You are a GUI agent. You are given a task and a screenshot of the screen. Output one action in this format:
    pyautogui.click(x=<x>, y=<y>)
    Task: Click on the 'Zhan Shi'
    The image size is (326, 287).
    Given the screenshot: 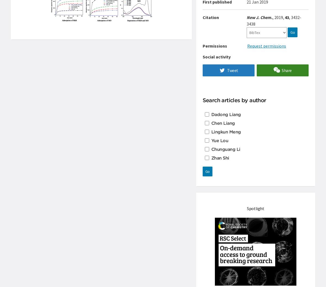 What is the action you would take?
    pyautogui.click(x=220, y=158)
    